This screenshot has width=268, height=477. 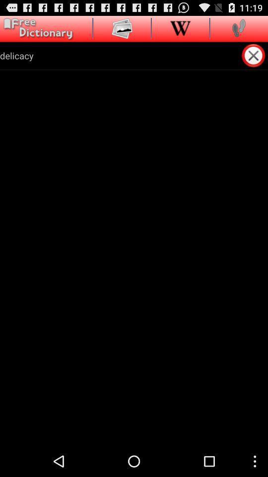 What do you see at coordinates (254, 55) in the screenshot?
I see `remove search term` at bounding box center [254, 55].